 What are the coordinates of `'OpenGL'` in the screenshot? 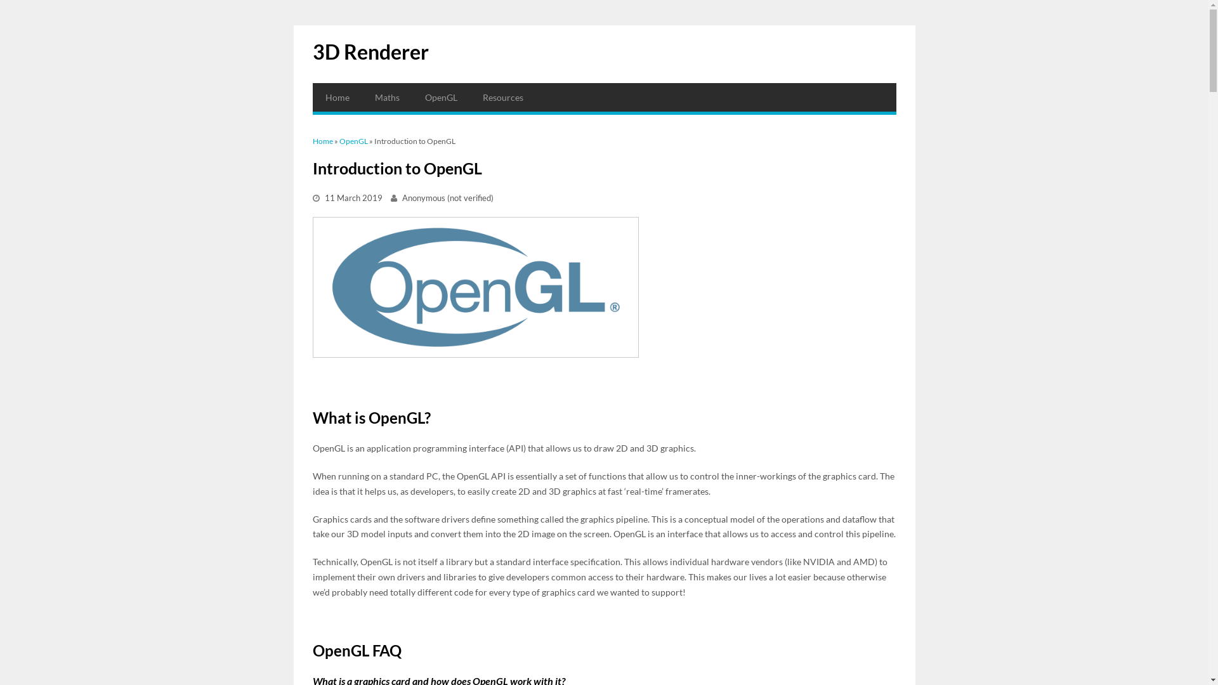 It's located at (412, 96).